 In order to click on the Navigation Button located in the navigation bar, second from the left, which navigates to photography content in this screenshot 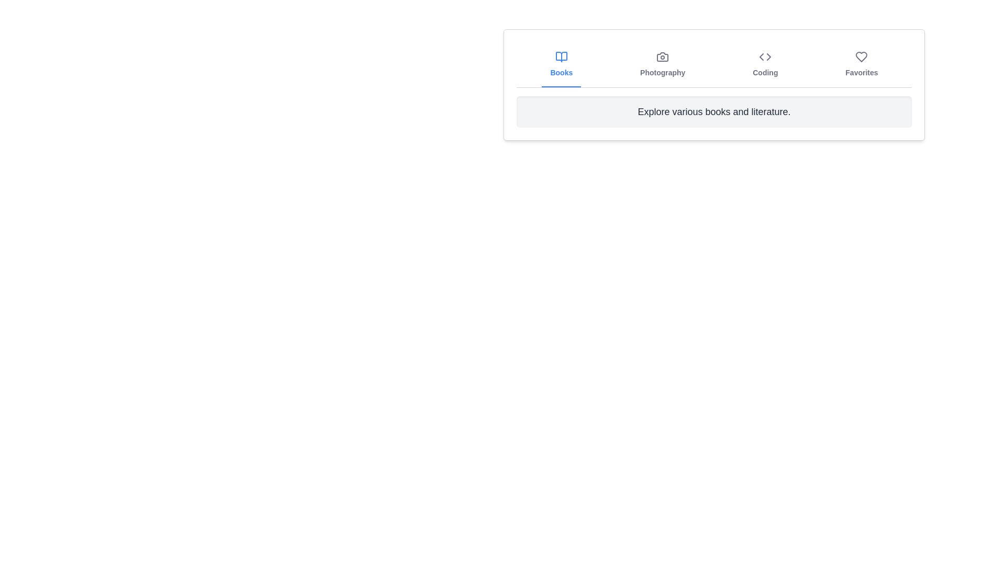, I will do `click(662, 64)`.